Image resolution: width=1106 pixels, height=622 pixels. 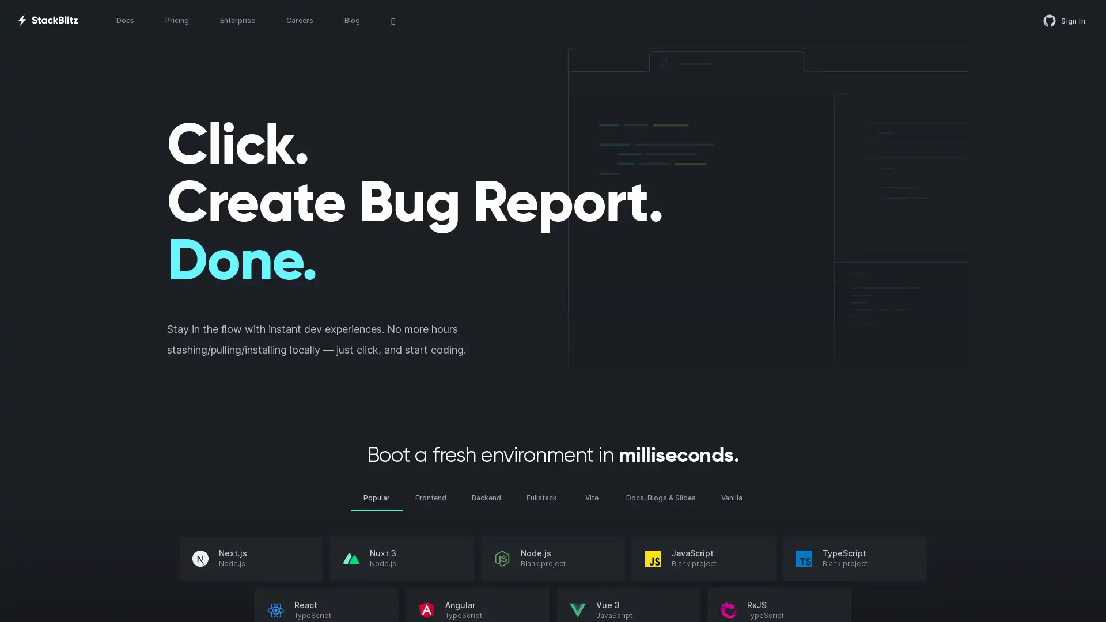 What do you see at coordinates (541, 497) in the screenshot?
I see `Fullstack` at bounding box center [541, 497].